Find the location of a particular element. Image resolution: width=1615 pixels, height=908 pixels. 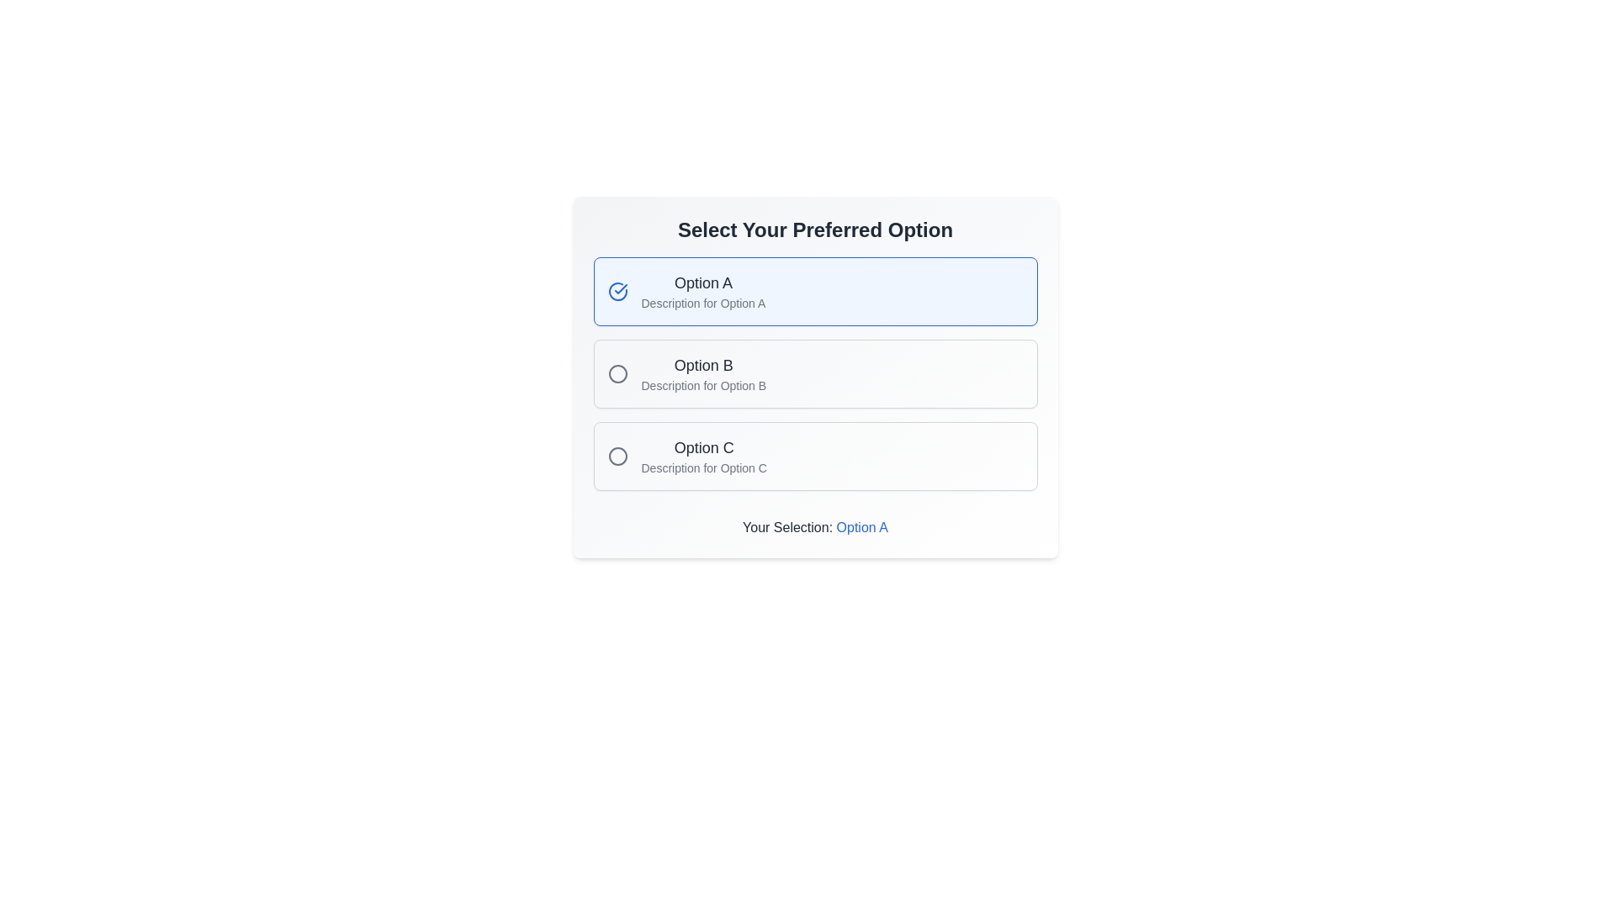

the circular selection indicator representing 'Option B' in the vertically arranged list of options is located at coordinates (617, 372).